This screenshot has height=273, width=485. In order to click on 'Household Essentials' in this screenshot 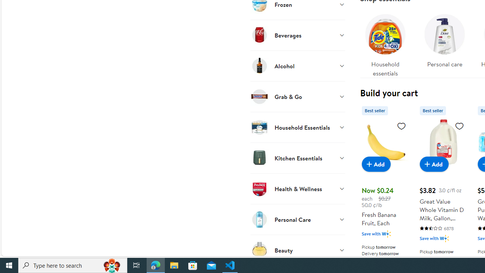, I will do `click(297, 127)`.